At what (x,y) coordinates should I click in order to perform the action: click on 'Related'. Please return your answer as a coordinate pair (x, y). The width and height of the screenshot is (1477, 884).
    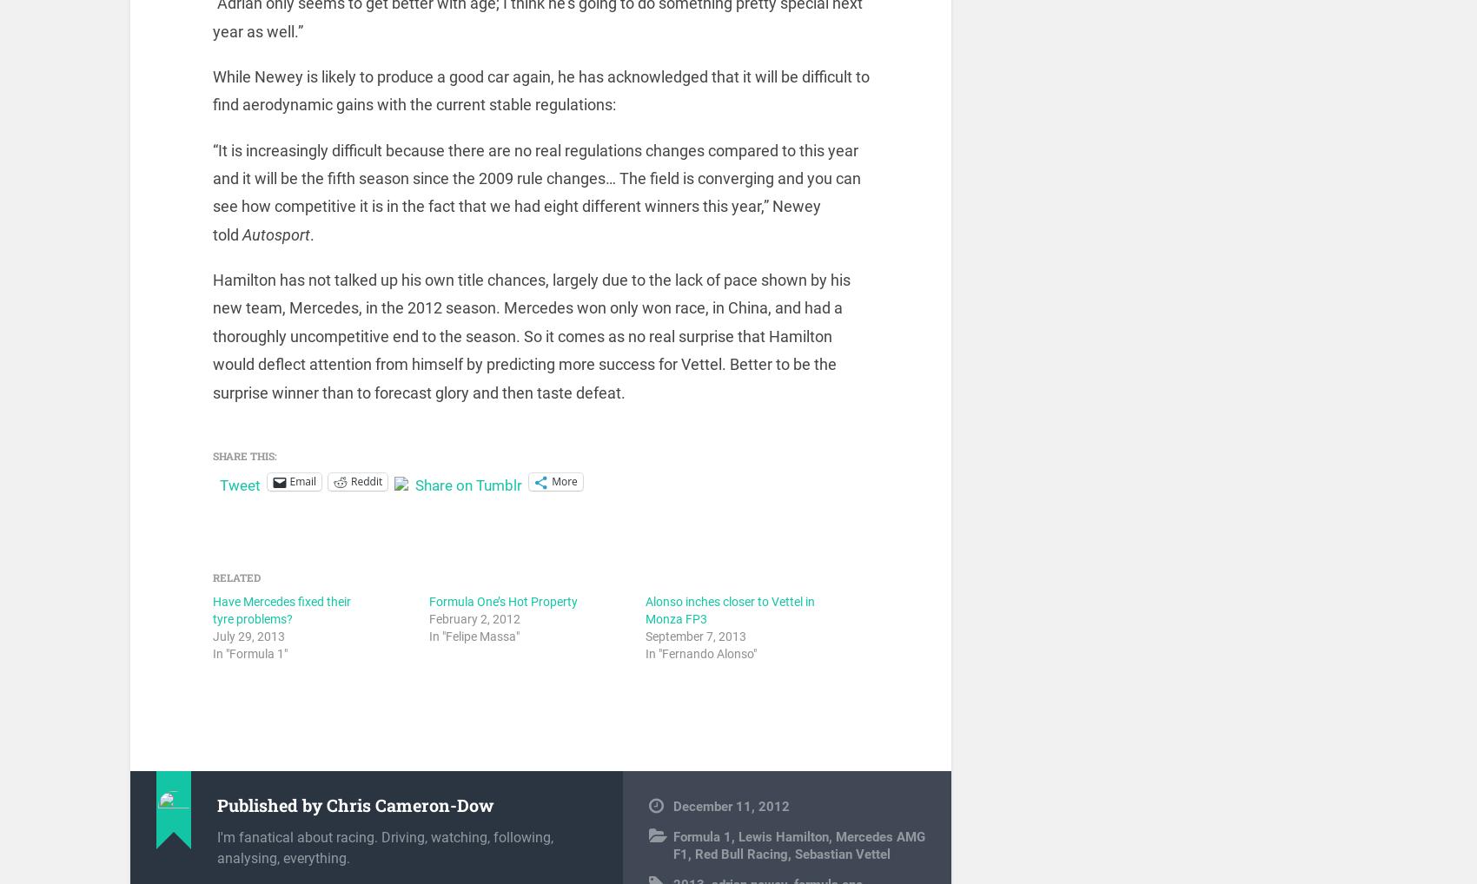
    Looking at the image, I should click on (235, 586).